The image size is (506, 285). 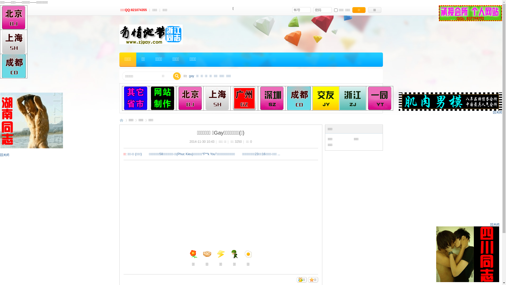 What do you see at coordinates (191, 76) in the screenshot?
I see `'gay'` at bounding box center [191, 76].